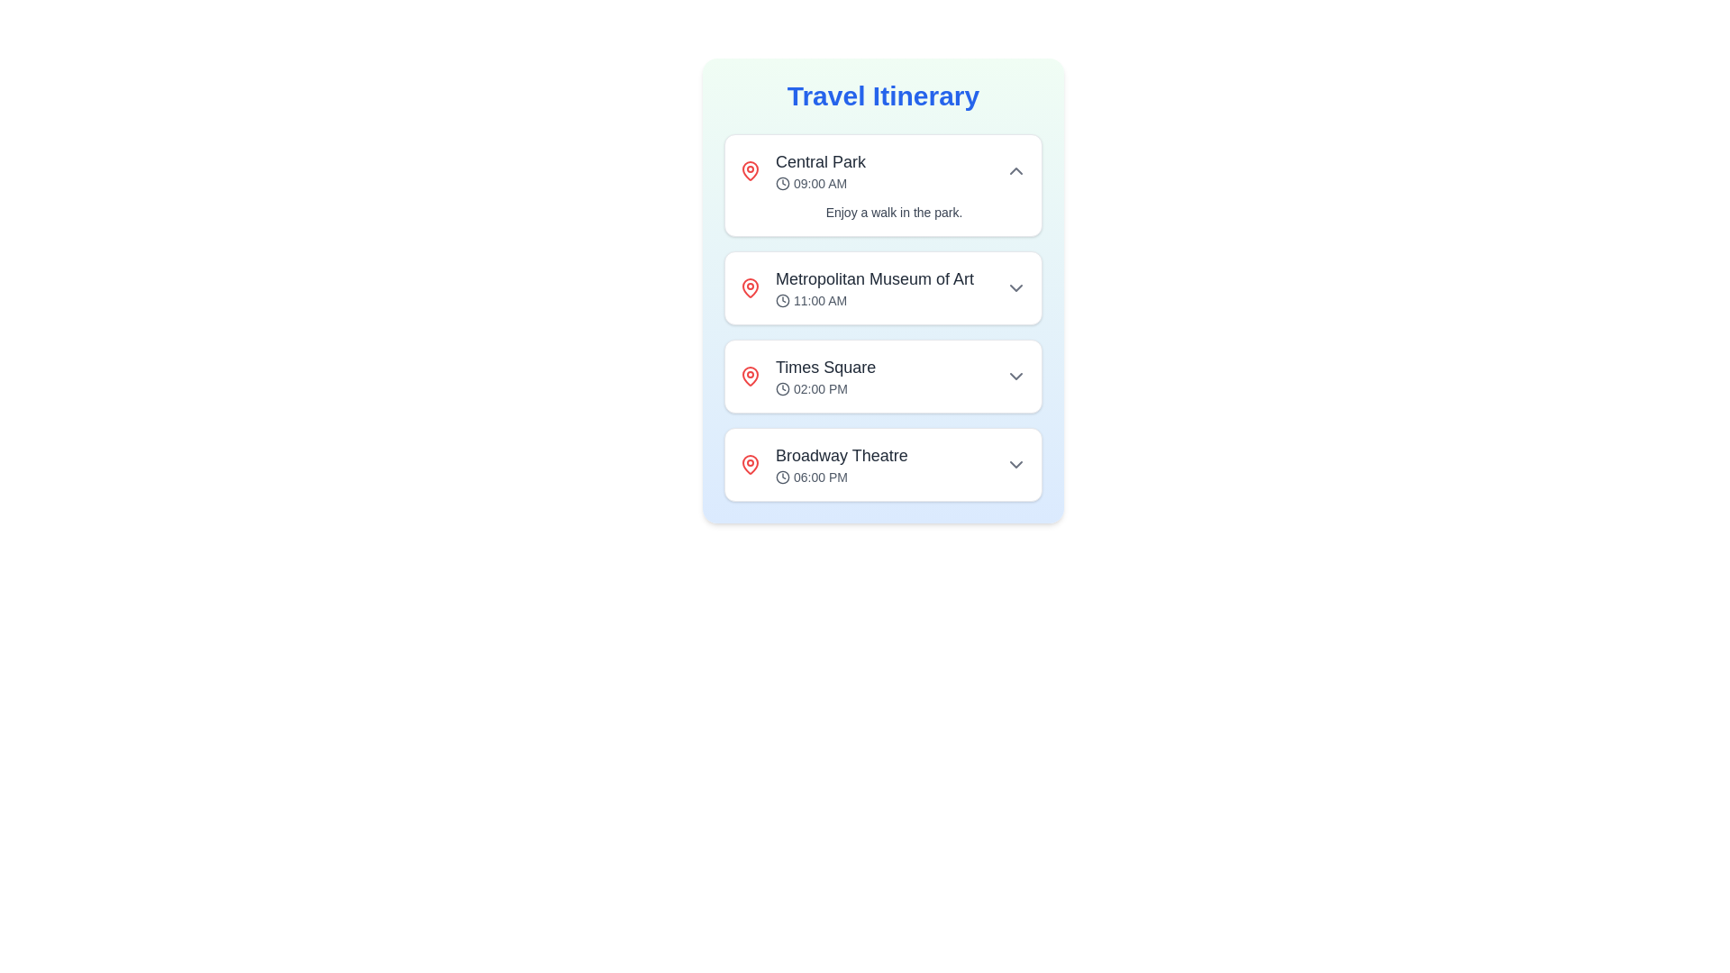 The width and height of the screenshot is (1730, 973). What do you see at coordinates (751, 170) in the screenshot?
I see `the geographical location icon representing 'Central Park', which is the first visual item on the left side within the card labeled 'Central Park' under the 'Travel Itinerary' header` at bounding box center [751, 170].